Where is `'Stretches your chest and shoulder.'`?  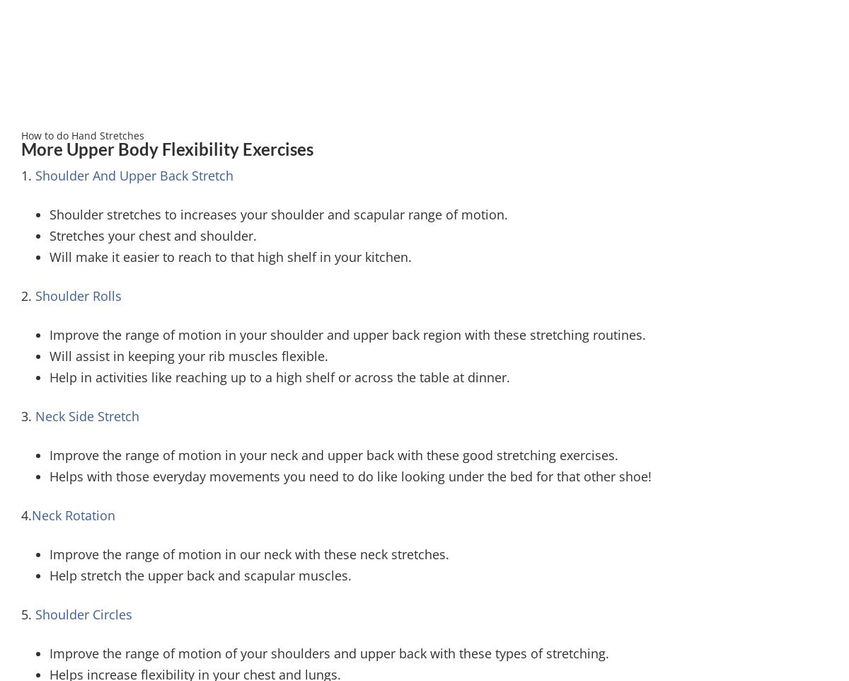
'Stretches your chest and shoulder.' is located at coordinates (152, 234).